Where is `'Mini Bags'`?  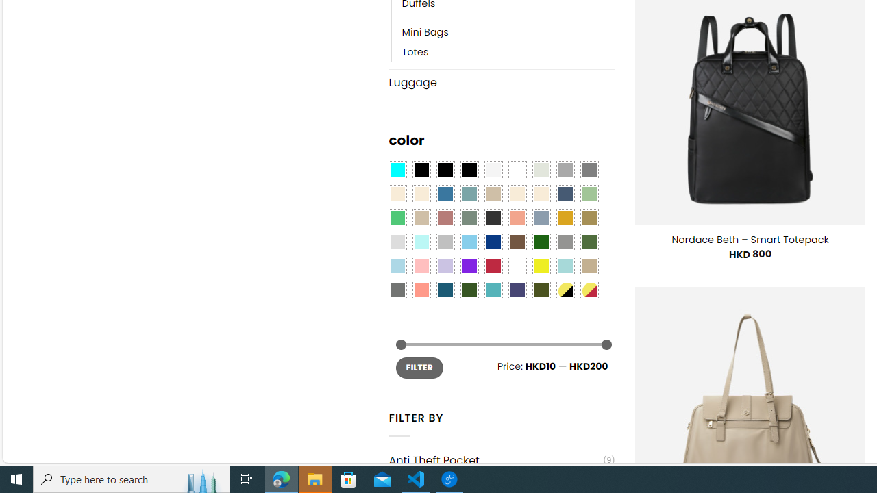
'Mini Bags' is located at coordinates (508, 32).